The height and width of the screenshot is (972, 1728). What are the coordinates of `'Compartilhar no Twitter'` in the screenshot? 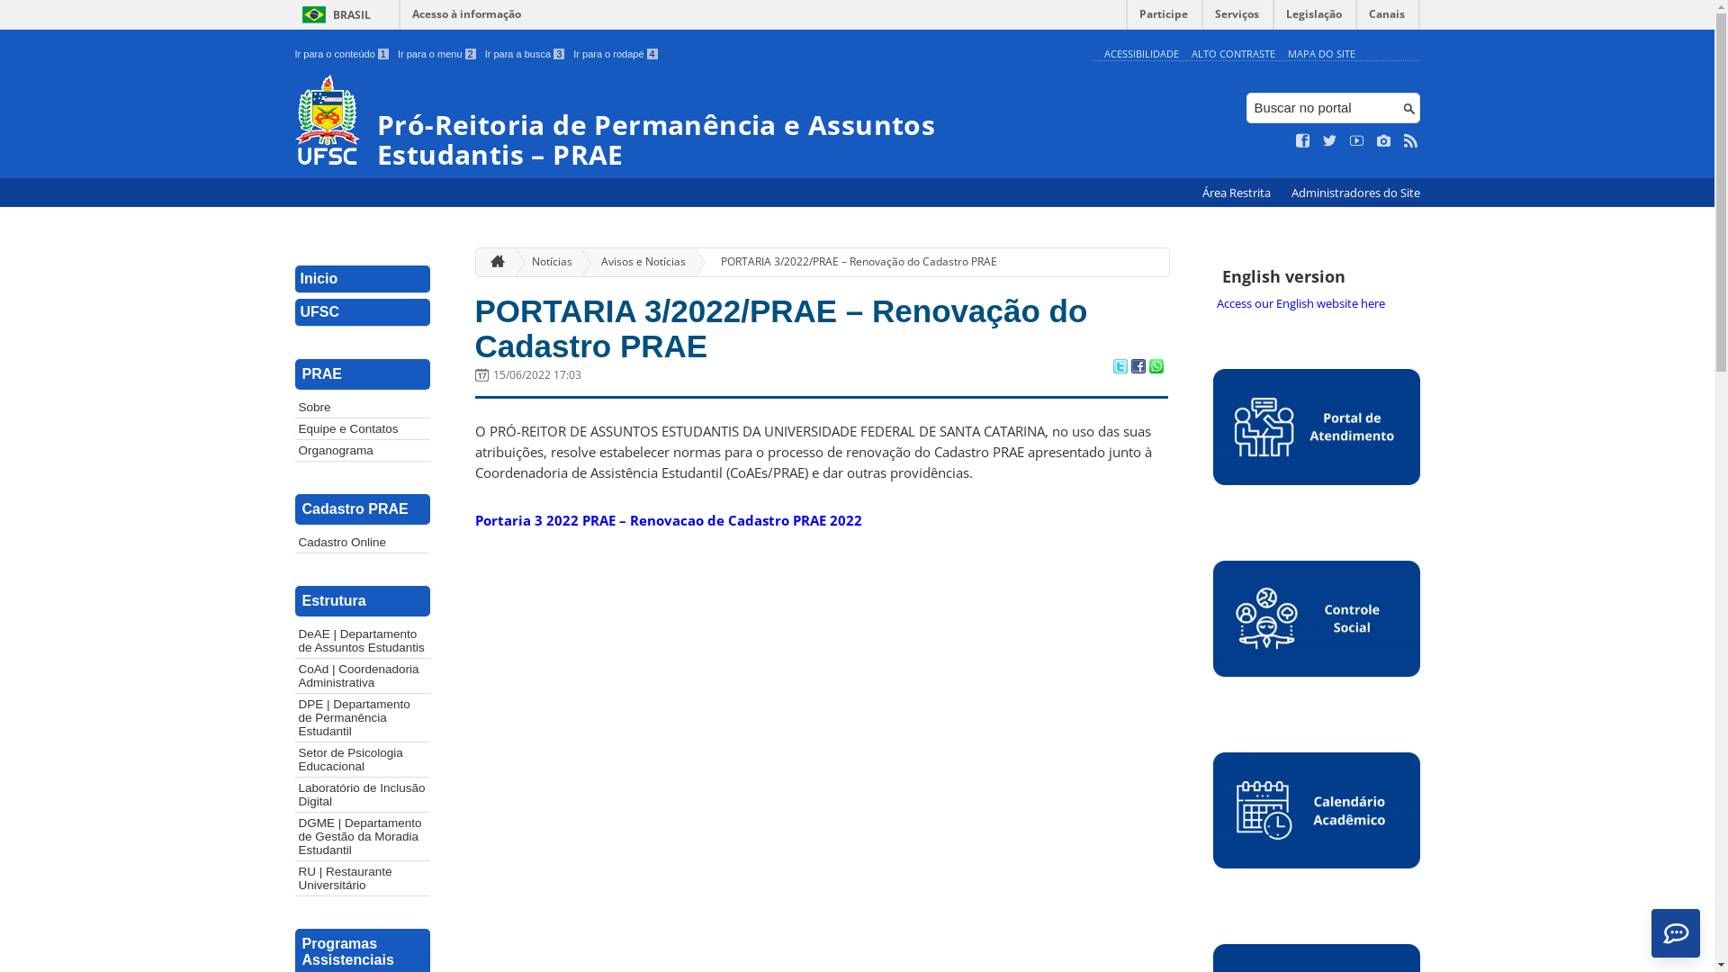 It's located at (1118, 366).